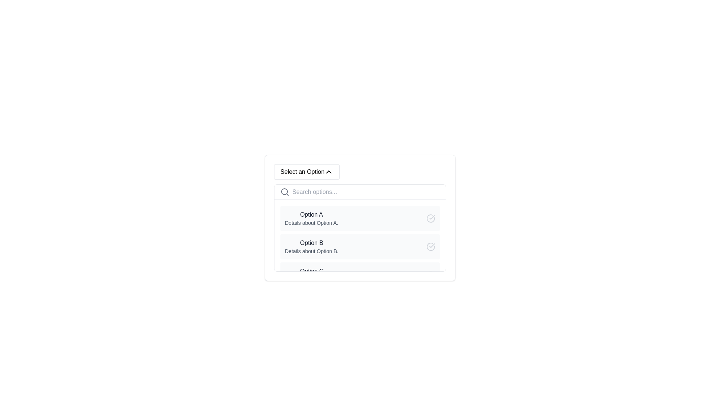 Image resolution: width=715 pixels, height=402 pixels. Describe the element at coordinates (432, 245) in the screenshot. I see `the checkmark icon within the dropdown list interface, which is styled with a rounded stroke and is displayed in gray-toned color as part of the selection feedback` at that location.